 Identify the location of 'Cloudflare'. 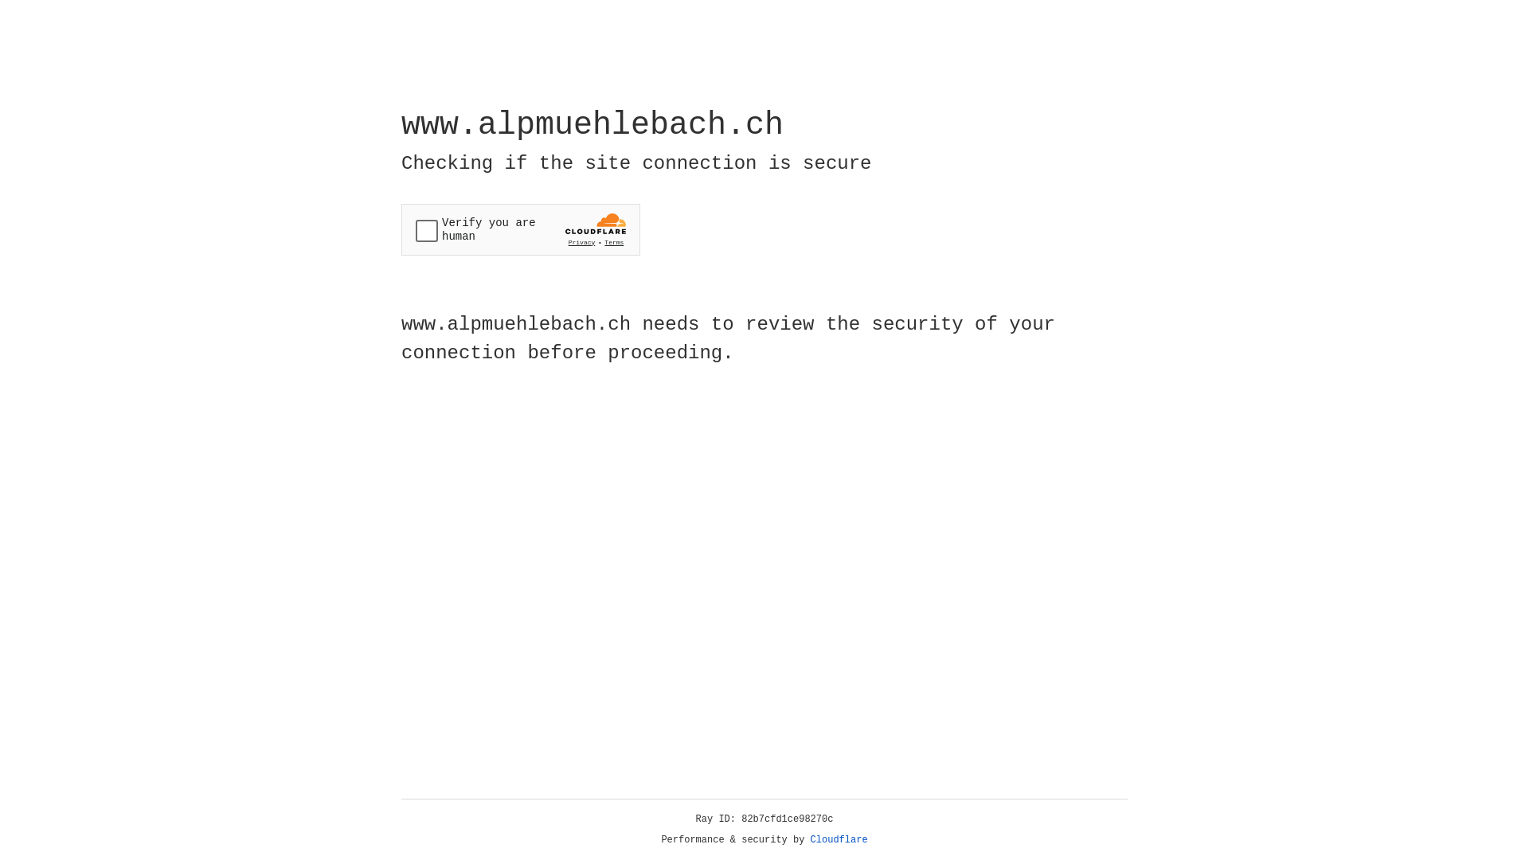
(810, 839).